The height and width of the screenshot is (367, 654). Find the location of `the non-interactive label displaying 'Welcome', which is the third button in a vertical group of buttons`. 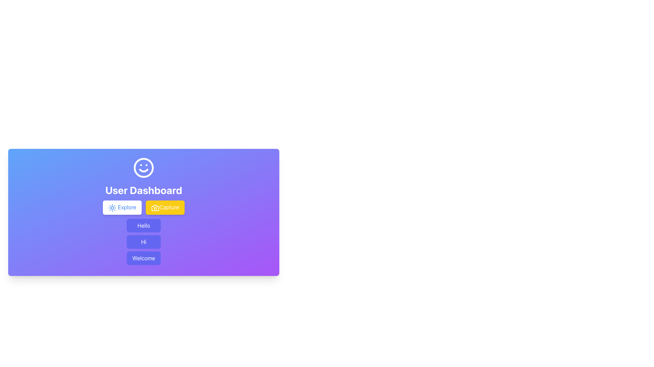

the non-interactive label displaying 'Welcome', which is the third button in a vertical group of buttons is located at coordinates (143, 258).